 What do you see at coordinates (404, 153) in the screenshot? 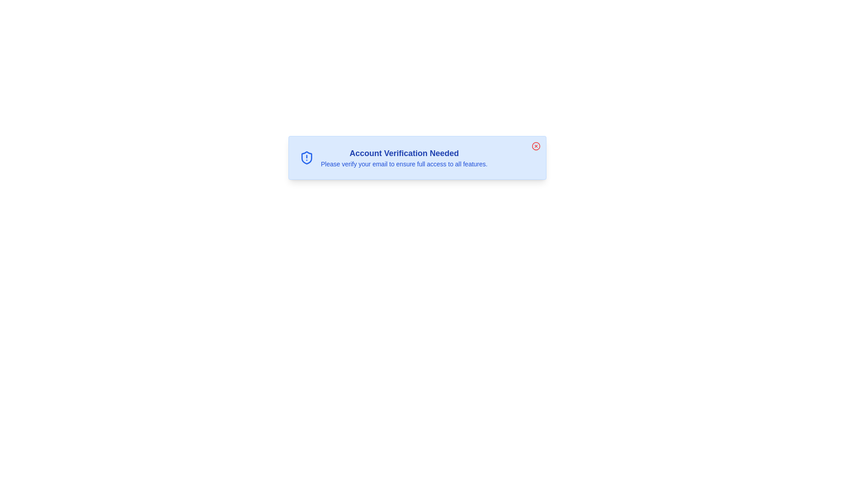
I see `text from the top header of the light blue notification box indicating that account verification is required` at bounding box center [404, 153].